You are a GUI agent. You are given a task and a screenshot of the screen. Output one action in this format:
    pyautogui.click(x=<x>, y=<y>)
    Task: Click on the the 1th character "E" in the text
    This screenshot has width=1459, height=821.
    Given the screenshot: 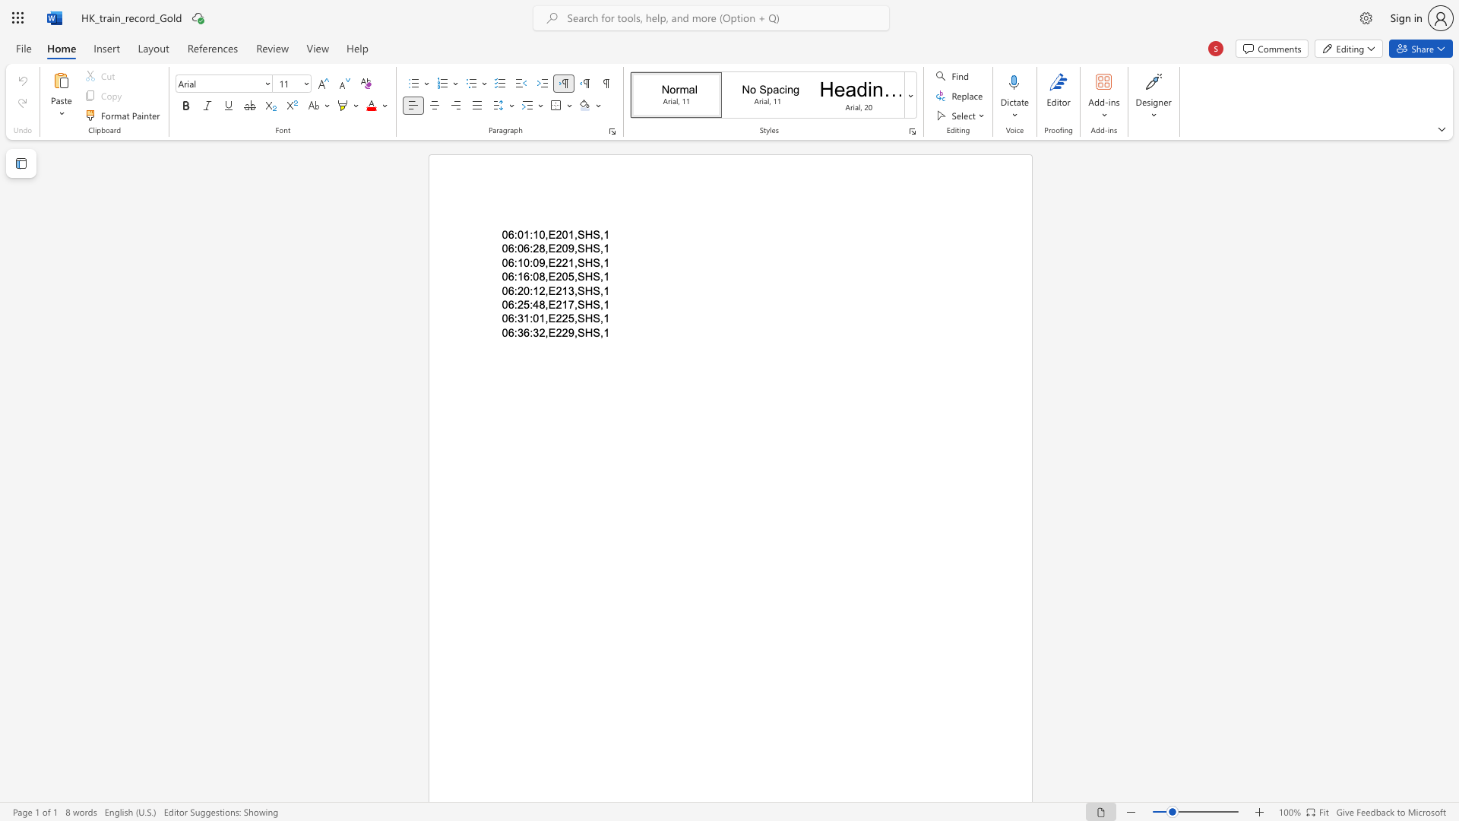 What is the action you would take?
    pyautogui.click(x=551, y=277)
    